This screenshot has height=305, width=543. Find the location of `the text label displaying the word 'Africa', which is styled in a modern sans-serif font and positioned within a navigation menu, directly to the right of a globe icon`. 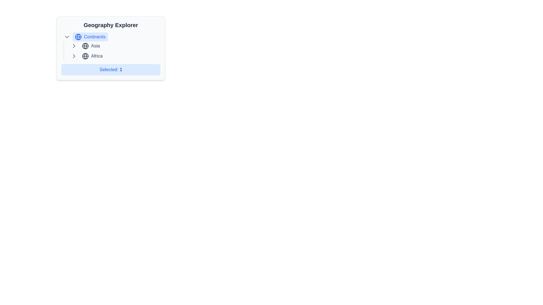

the text label displaying the word 'Africa', which is styled in a modern sans-serif font and positioned within a navigation menu, directly to the right of a globe icon is located at coordinates (97, 56).